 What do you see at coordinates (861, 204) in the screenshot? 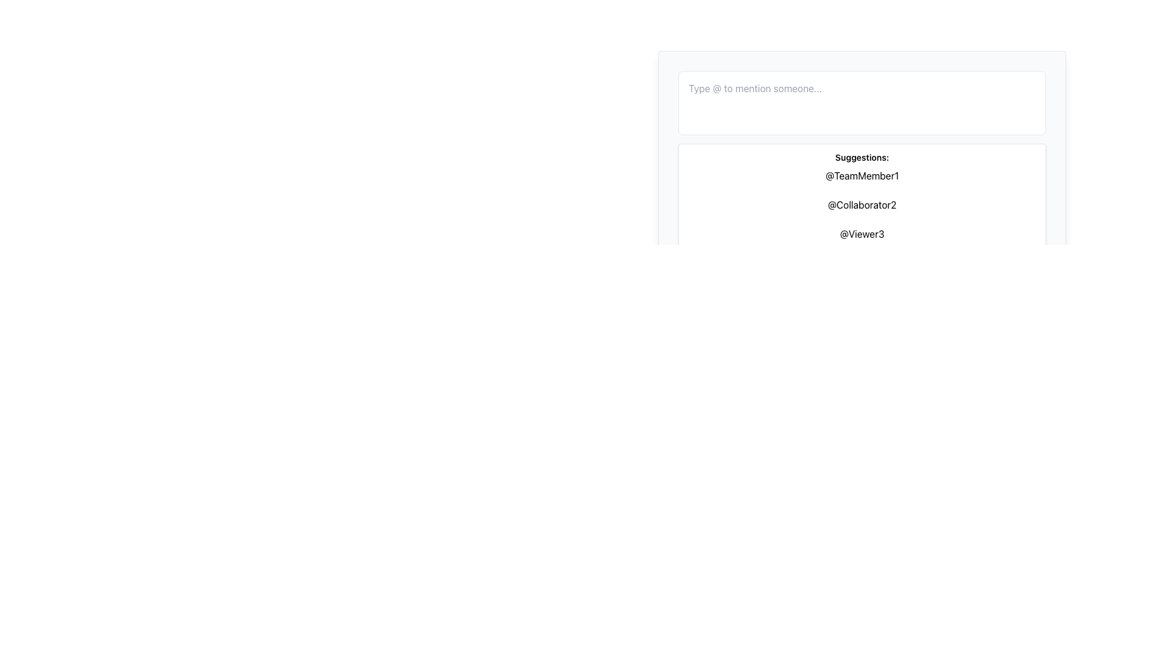
I see `the List item containing the text '@Collaborator2' to observe the highlight effect` at bounding box center [861, 204].